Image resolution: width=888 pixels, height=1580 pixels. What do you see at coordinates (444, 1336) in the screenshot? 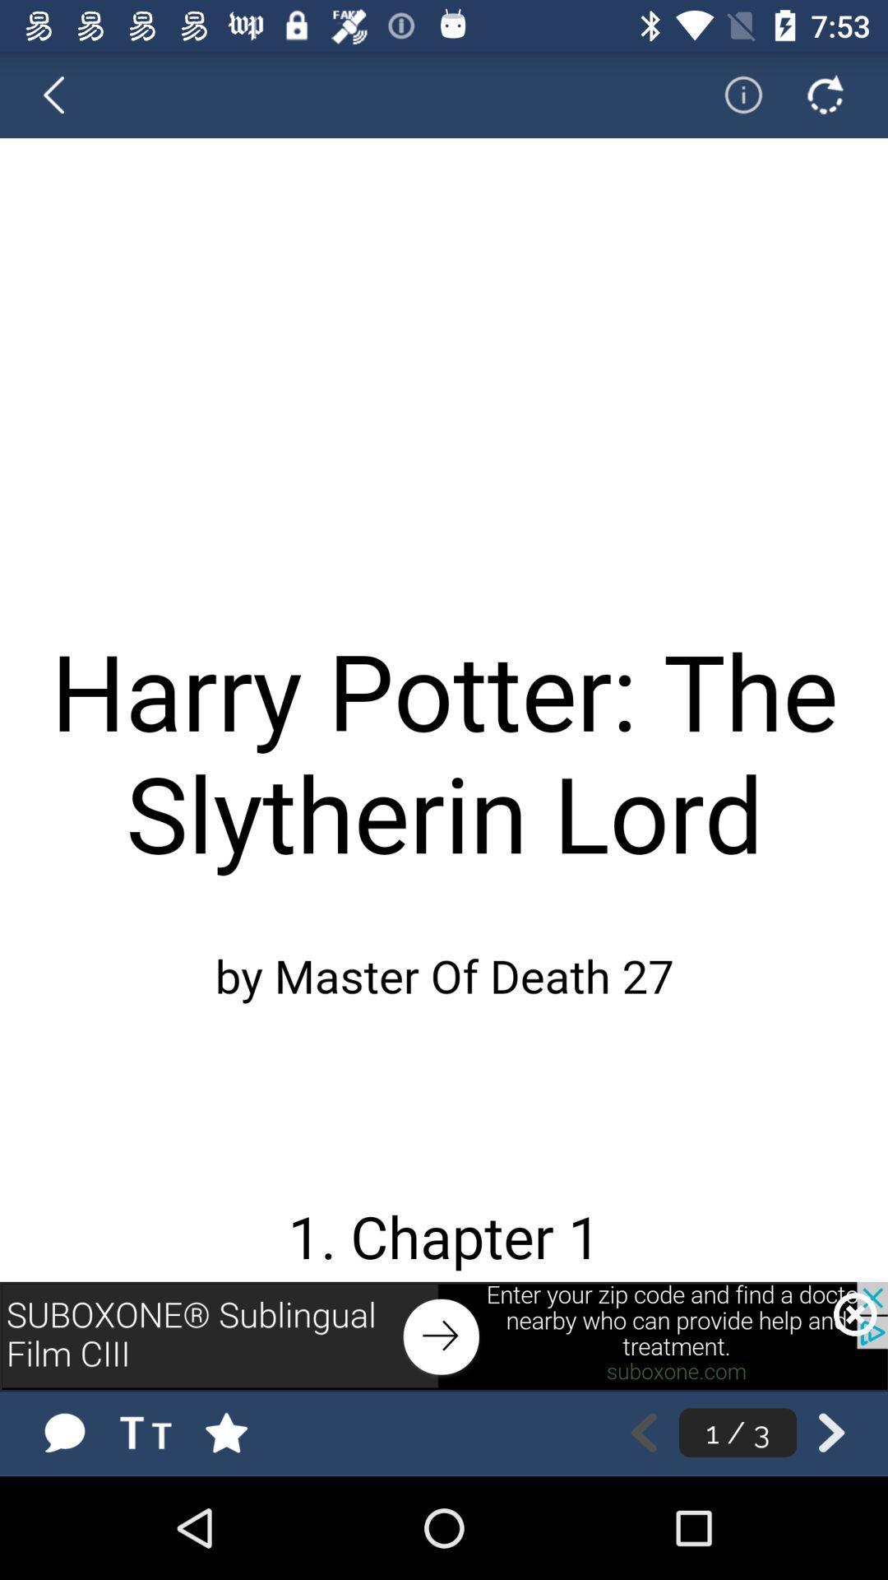
I see `so the advertisement` at bounding box center [444, 1336].